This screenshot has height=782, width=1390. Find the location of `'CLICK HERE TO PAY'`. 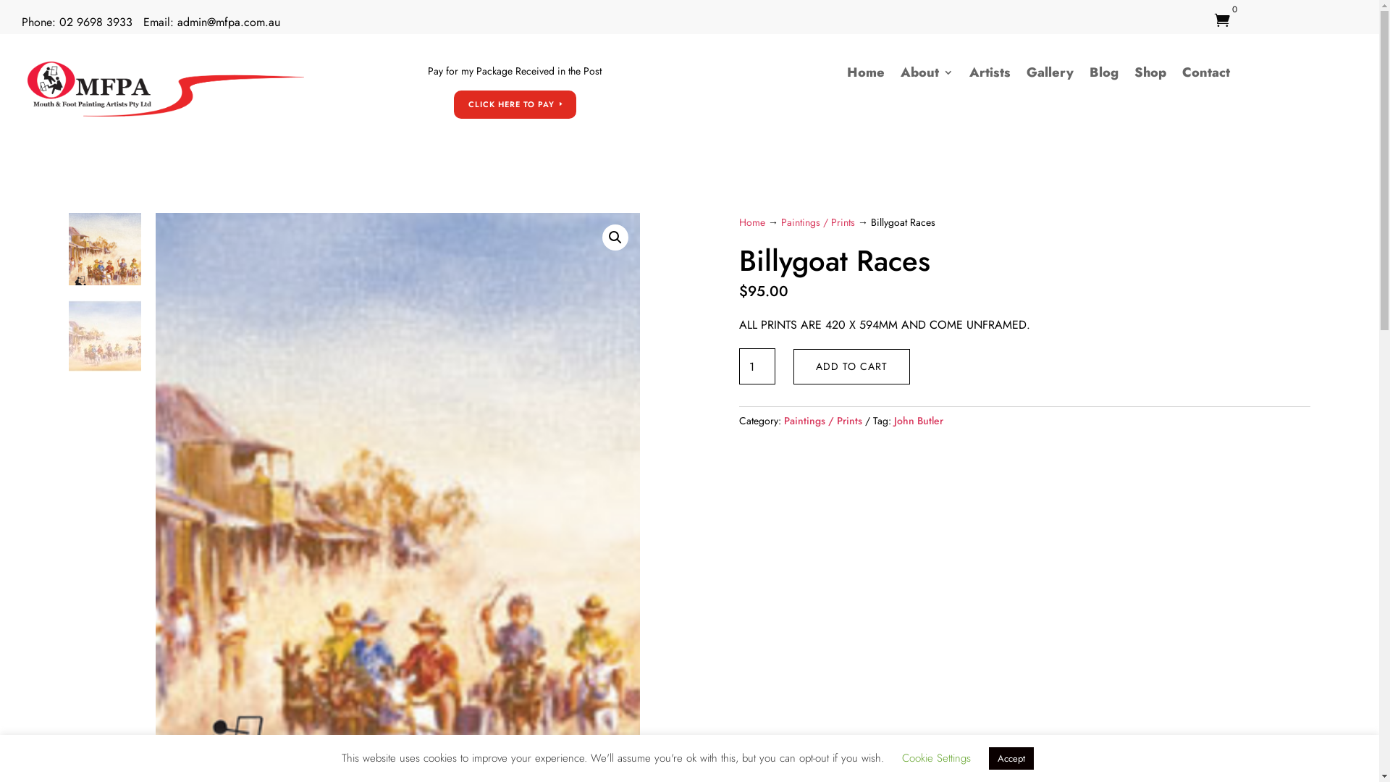

'CLICK HERE TO PAY' is located at coordinates (515, 104).